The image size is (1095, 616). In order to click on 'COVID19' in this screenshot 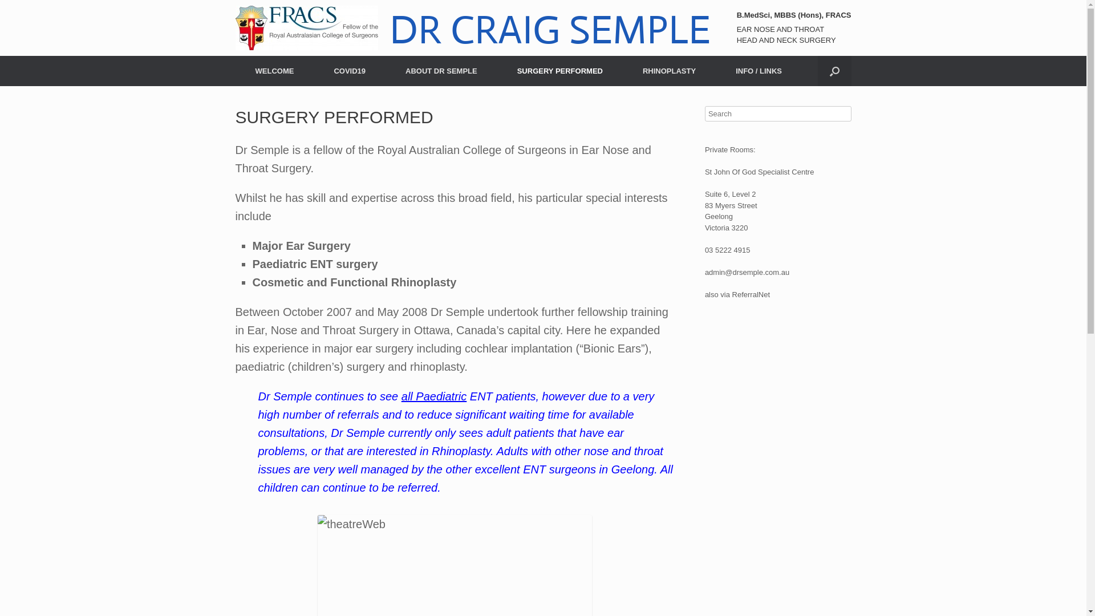, I will do `click(349, 71)`.